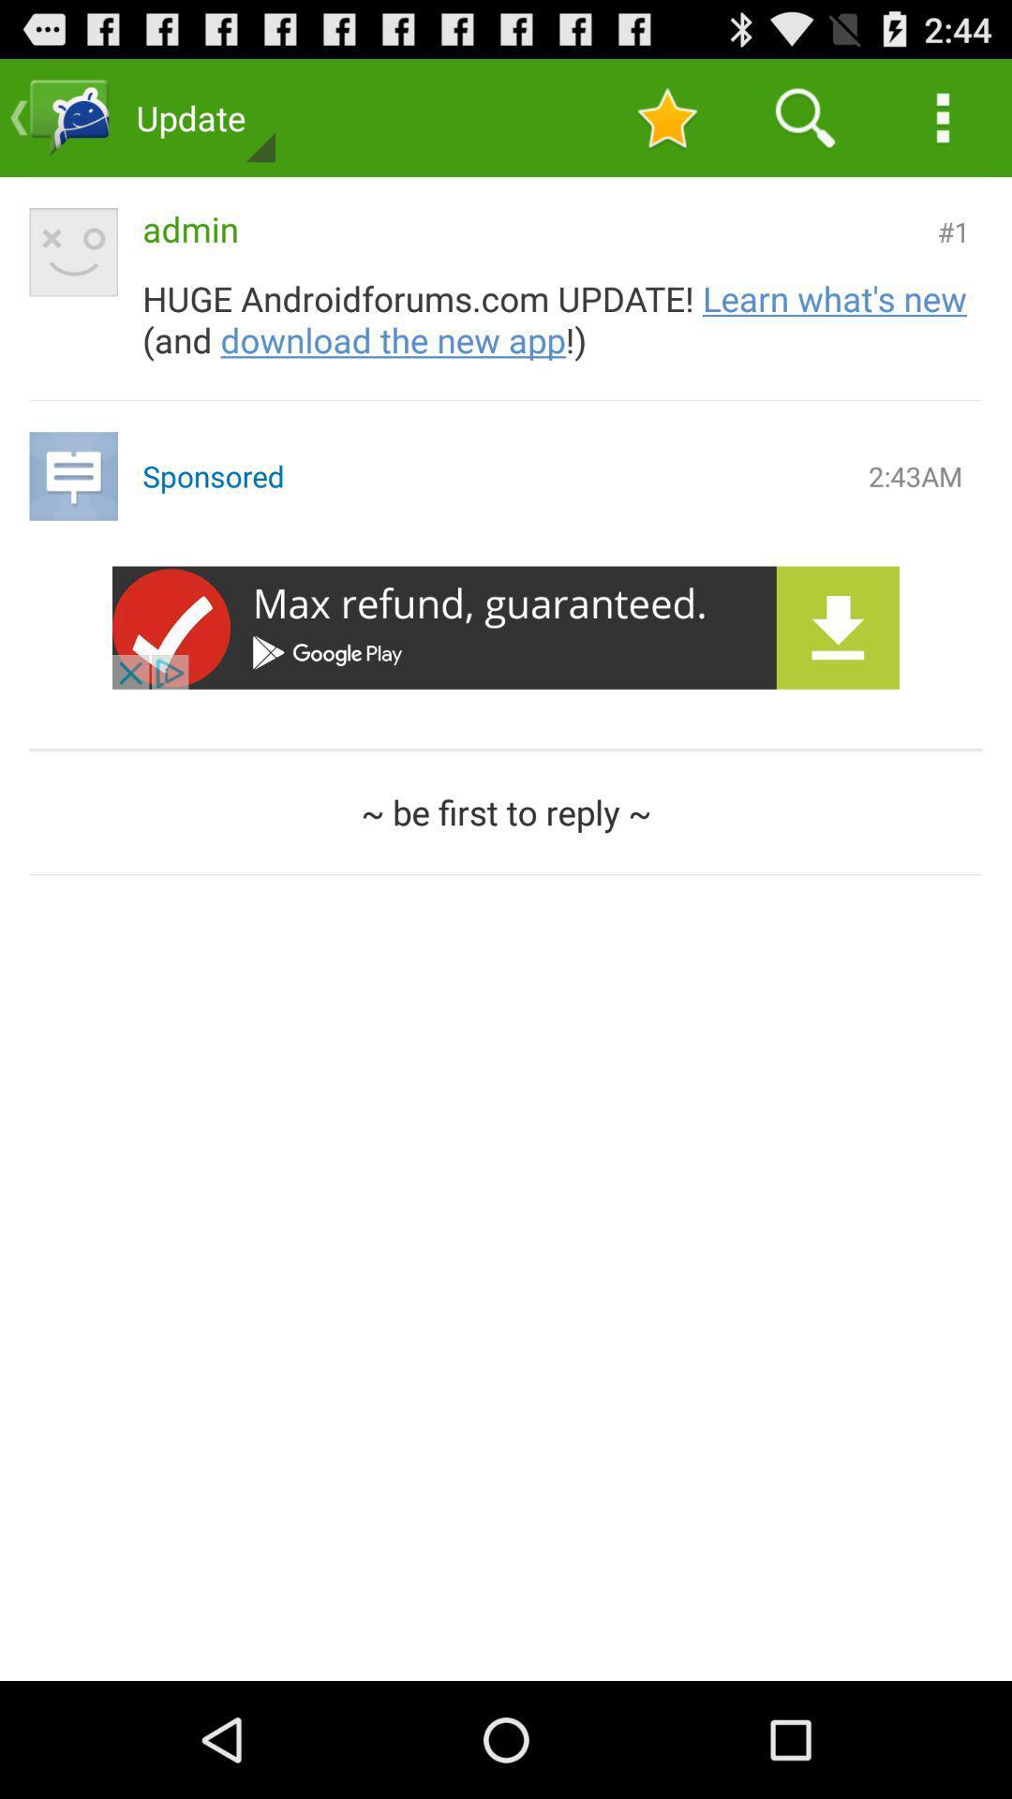  I want to click on to download, so click(506, 628).